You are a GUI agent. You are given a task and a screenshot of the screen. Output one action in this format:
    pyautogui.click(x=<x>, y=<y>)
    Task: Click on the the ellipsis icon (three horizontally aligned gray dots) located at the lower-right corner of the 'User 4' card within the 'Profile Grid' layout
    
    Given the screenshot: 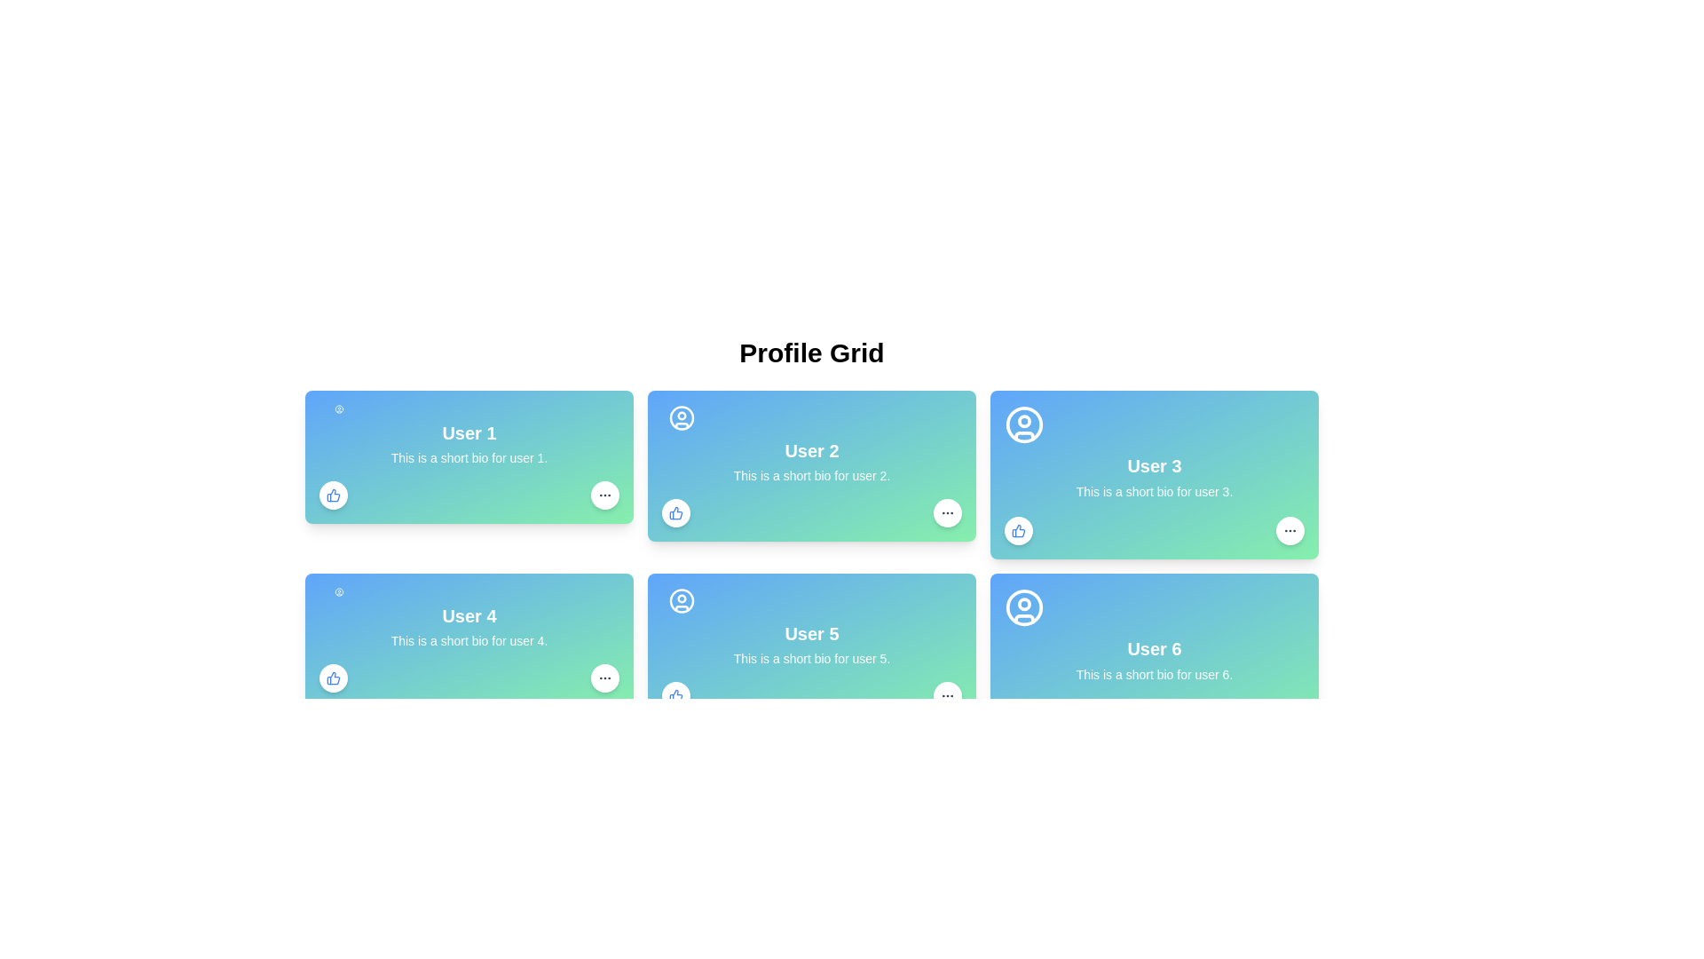 What is the action you would take?
    pyautogui.click(x=604, y=678)
    